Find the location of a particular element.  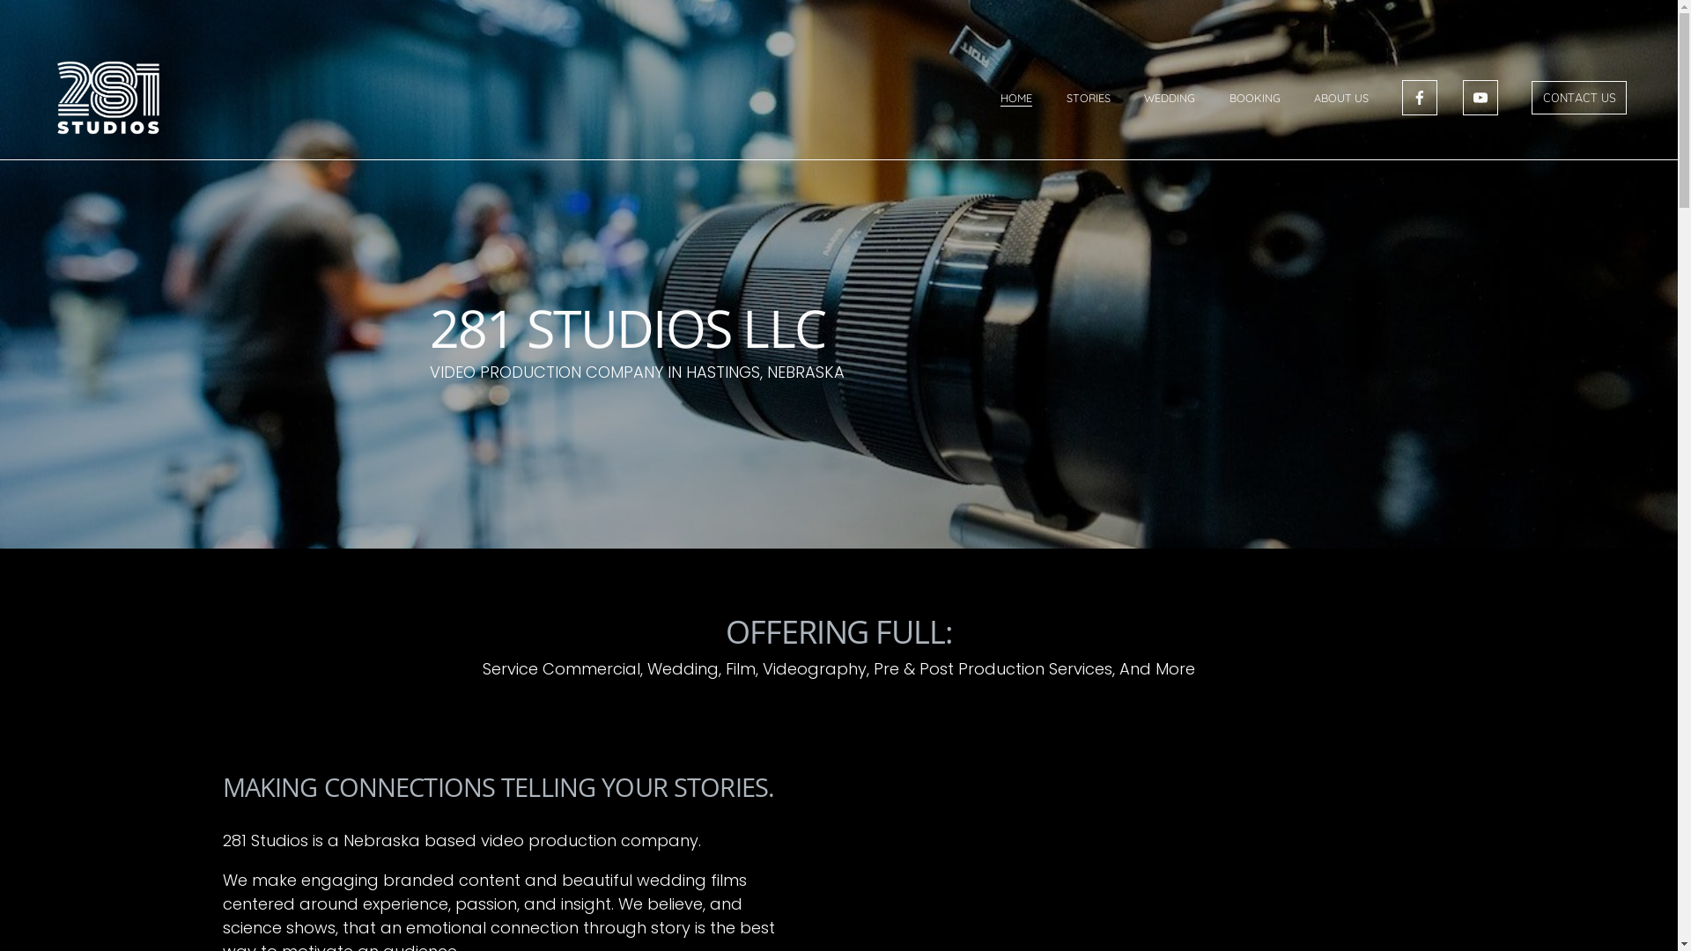

'ABOUT US' is located at coordinates (1340, 98).